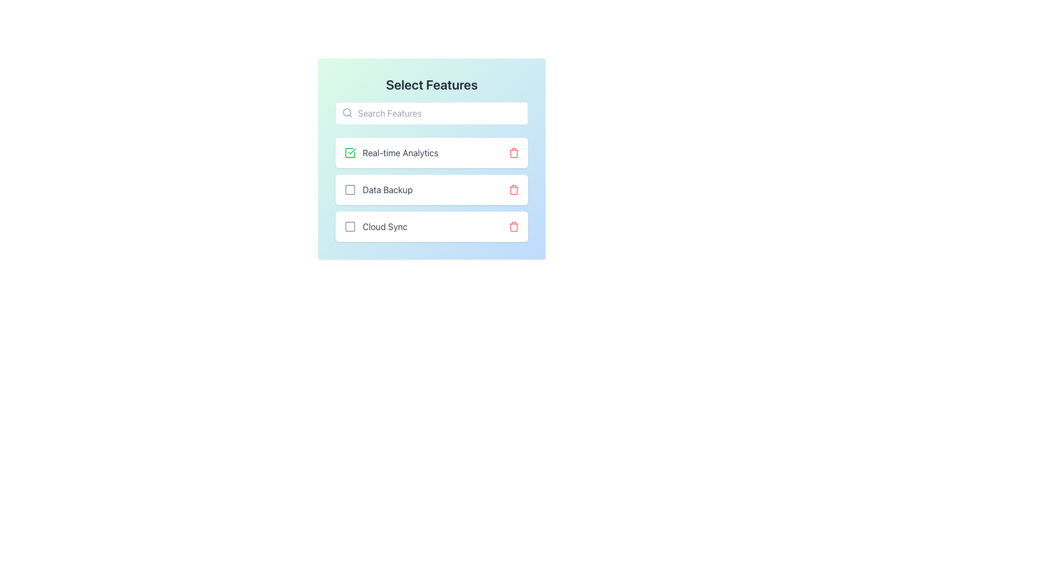 The width and height of the screenshot is (1041, 586). What do you see at coordinates (378, 189) in the screenshot?
I see `the 'Data Backup' checkbox and its label in the list of selectable elements below 'Select Features'` at bounding box center [378, 189].